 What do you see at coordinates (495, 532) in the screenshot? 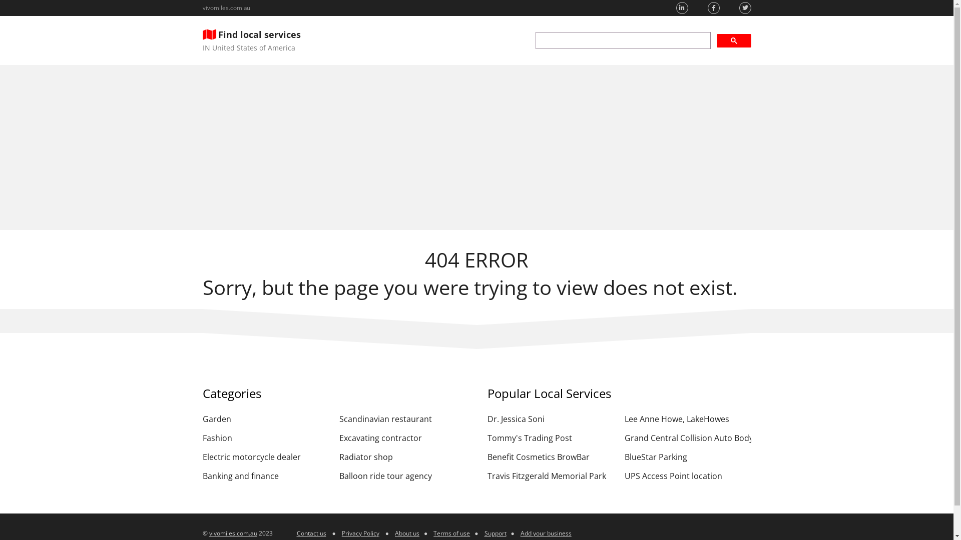
I see `'Support'` at bounding box center [495, 532].